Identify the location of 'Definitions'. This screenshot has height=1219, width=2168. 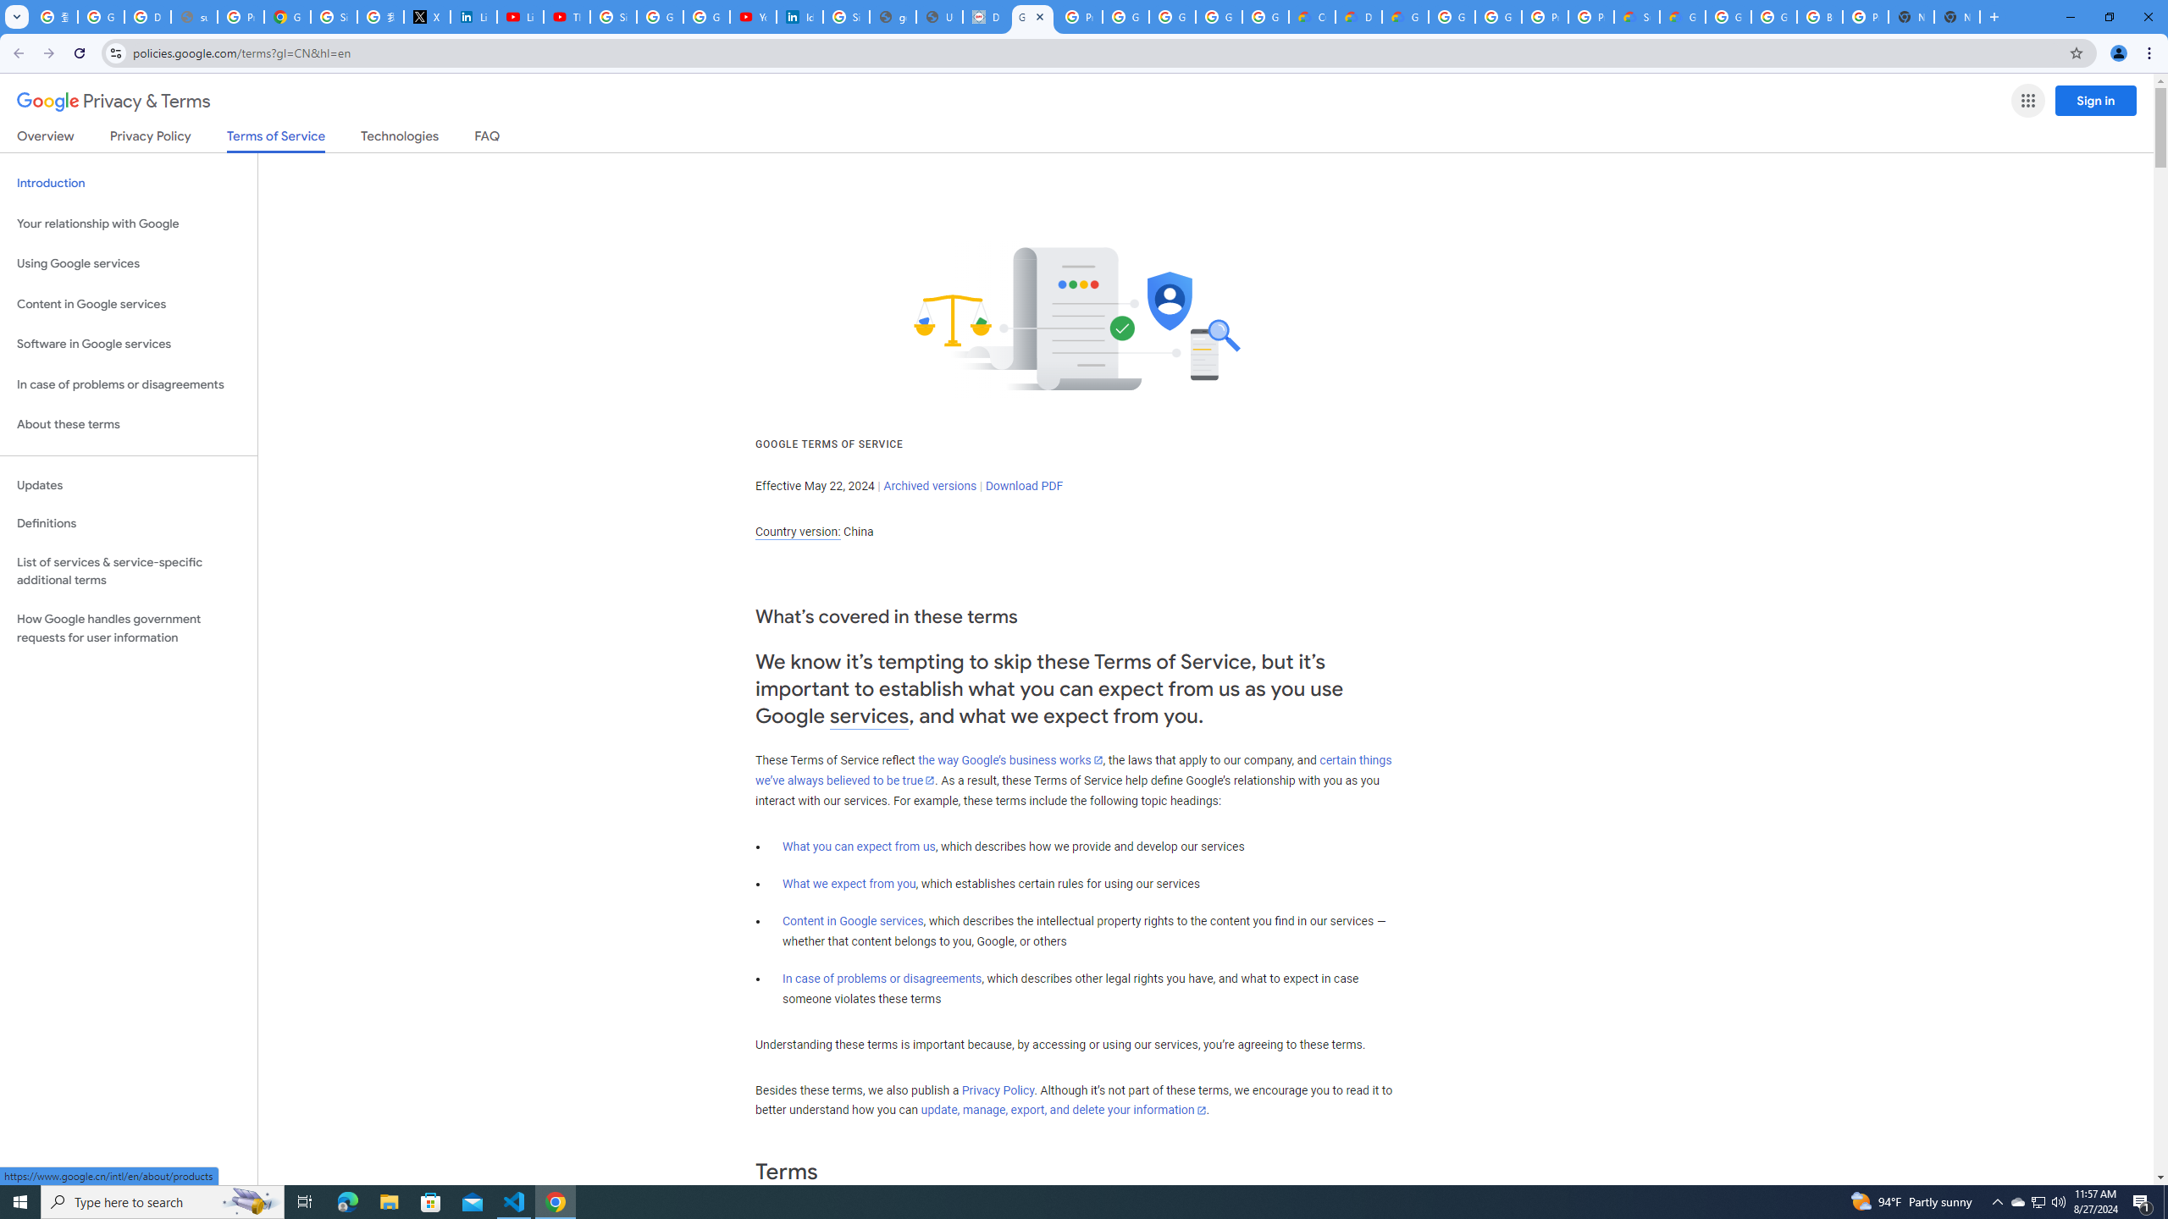
(128, 523).